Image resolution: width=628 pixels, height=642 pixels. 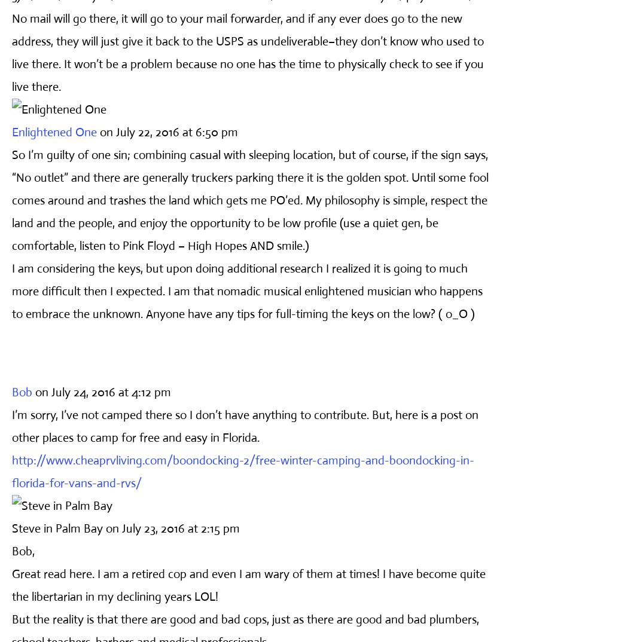 What do you see at coordinates (246, 291) in the screenshot?
I see `'I am considering the keys, but upon doing additional research I realized it is going to much more difficult then I expected. I am that nomadic musical enlightened musician who happens to embrace the unknown. Anyone have any tips for full-timing the keys on the low? ( o_O )'` at bounding box center [246, 291].